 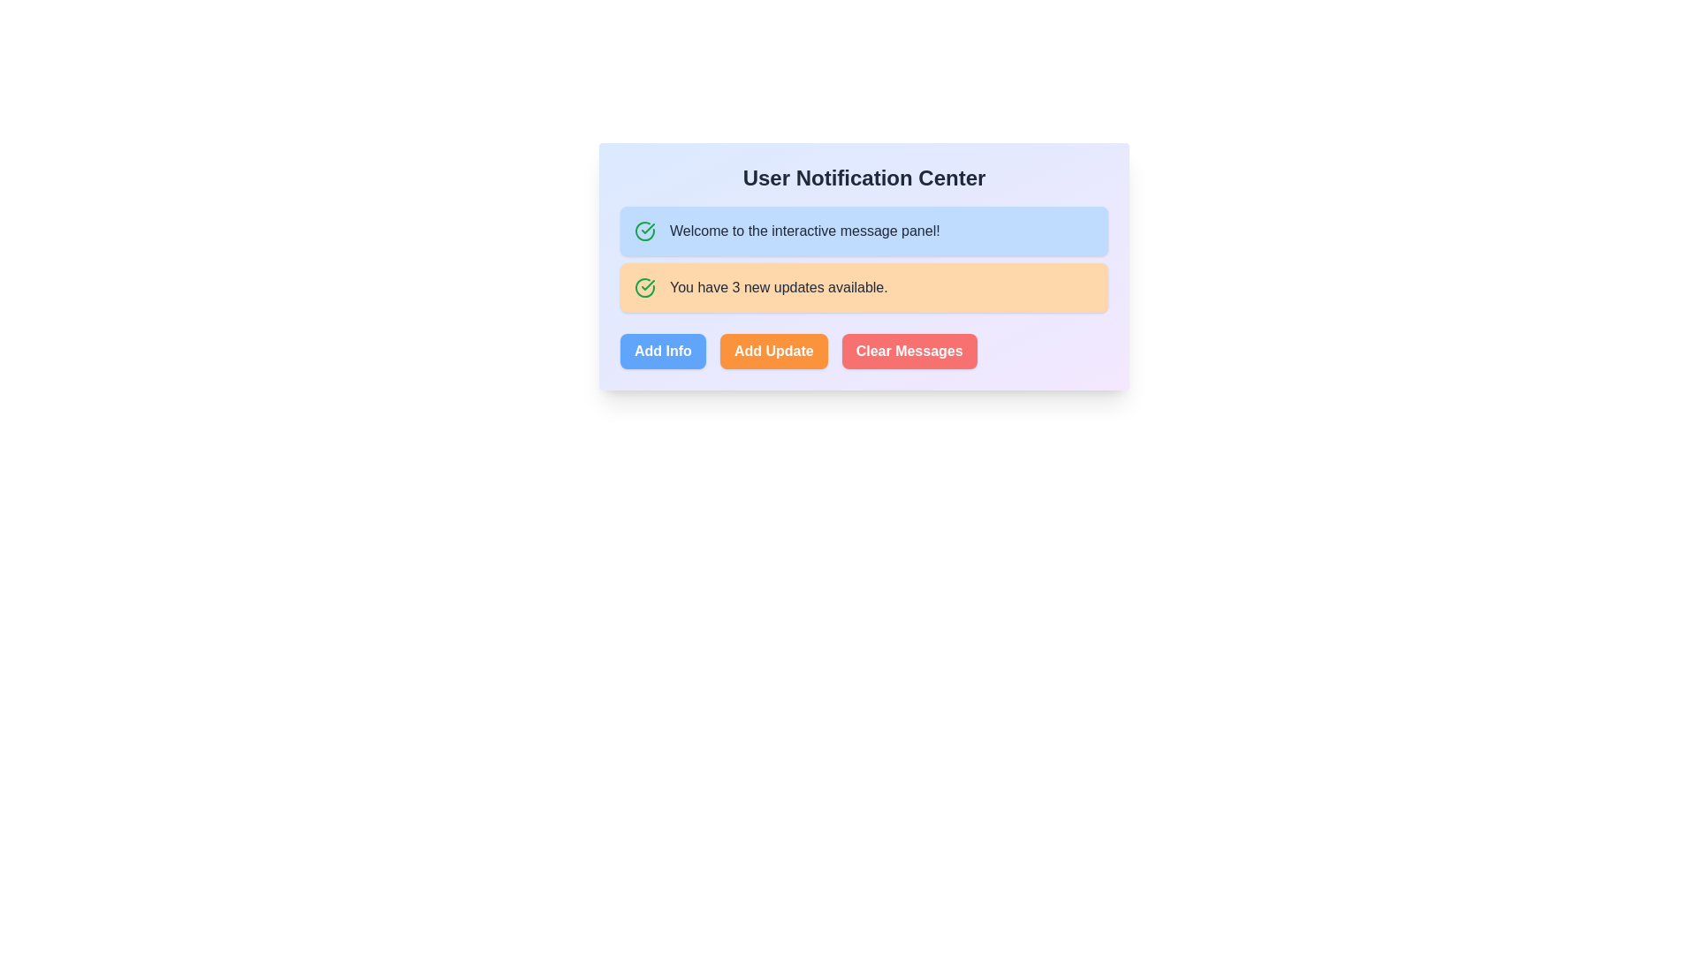 I want to click on the circular green icon with a checkmark inside, which is positioned next to the text 'Welcome to the interactive message panel!' in the top left corner of the panel, so click(x=643, y=231).